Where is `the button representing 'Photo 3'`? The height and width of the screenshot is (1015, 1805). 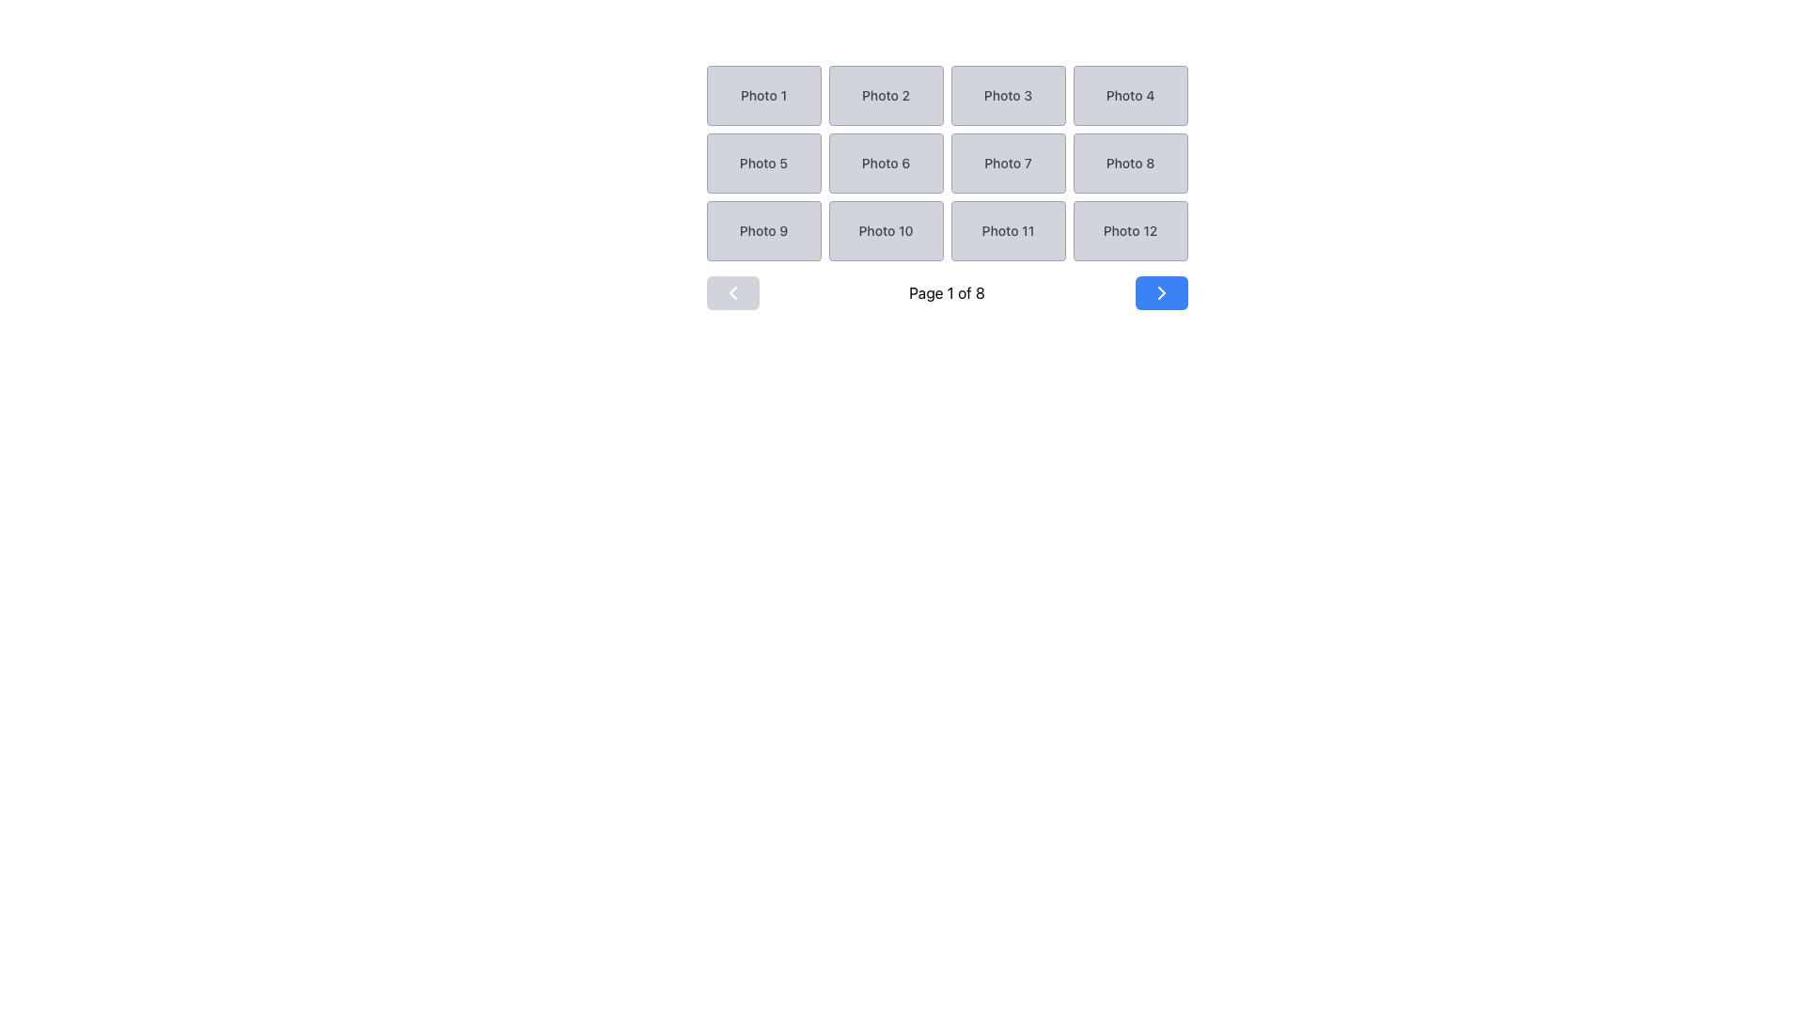 the button representing 'Photo 3' is located at coordinates (1007, 95).